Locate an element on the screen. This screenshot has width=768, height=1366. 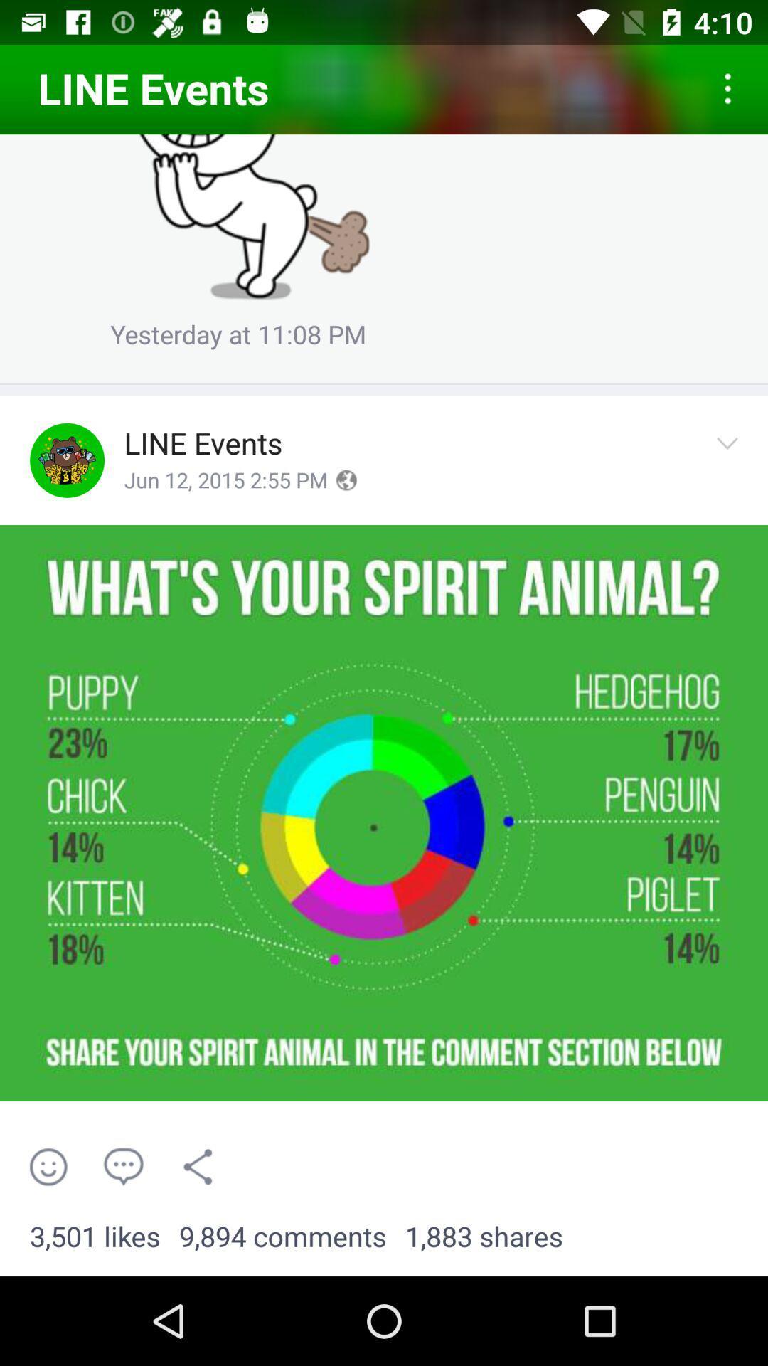
the icon to the right of 3,501 likes icon is located at coordinates (282, 1237).